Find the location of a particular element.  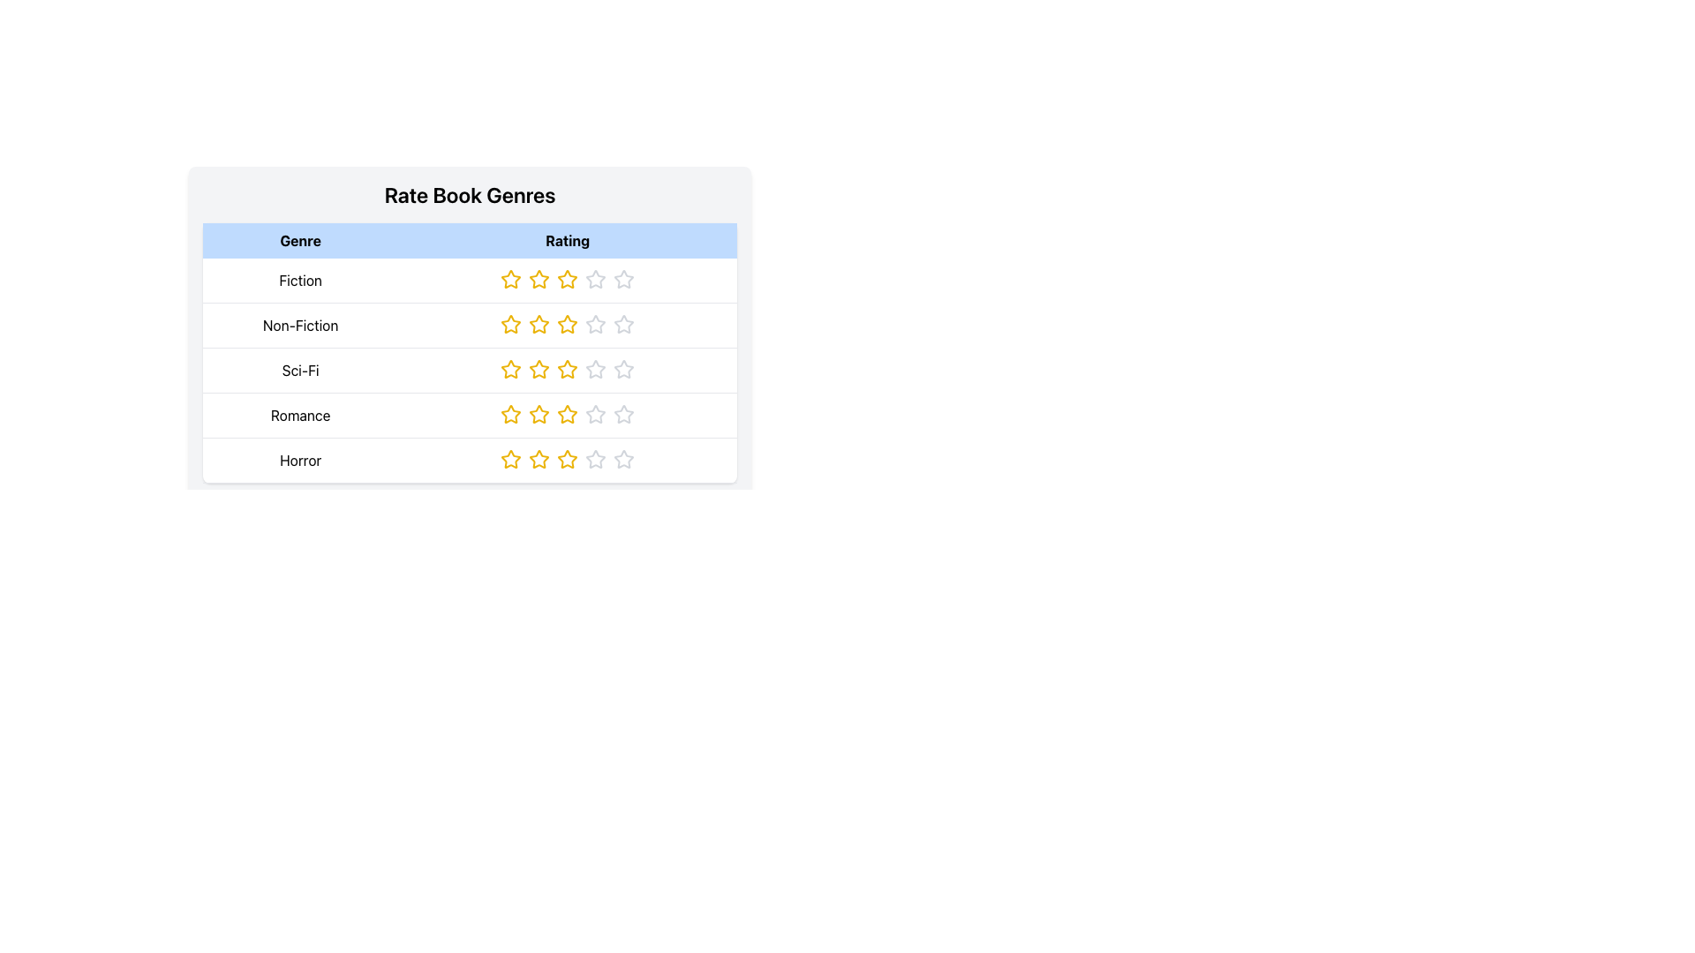

the fourth Rating Star in the 'Sci-Fi' row is located at coordinates (596, 369).